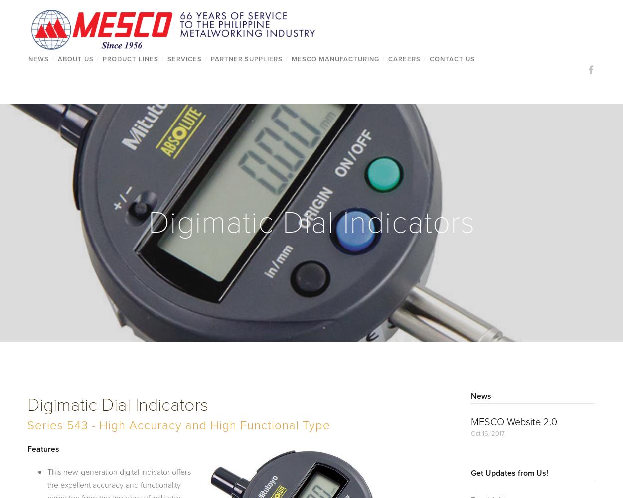 The width and height of the screenshot is (623, 498). I want to click on 'Careers', so click(404, 58).